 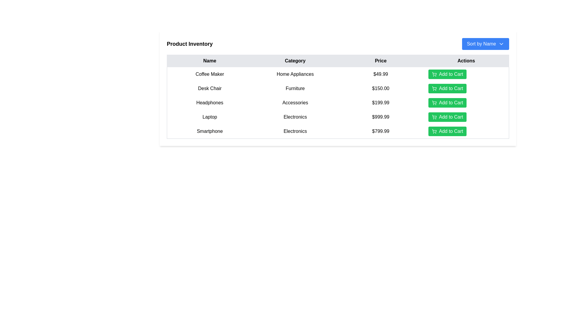 What do you see at coordinates (434, 131) in the screenshot?
I see `the shopping cart icon located inside the 'Add to Cart' button for the 'Smartphone' item in the 'Actions' column of the table` at bounding box center [434, 131].